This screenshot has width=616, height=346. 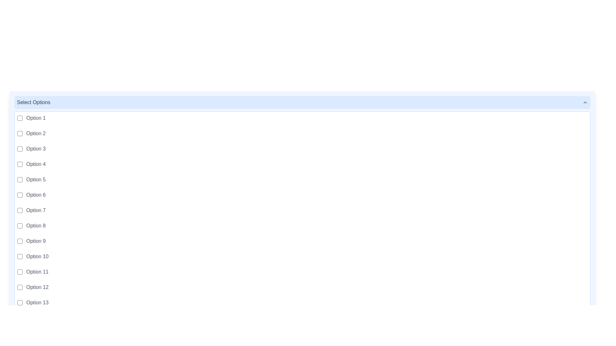 What do you see at coordinates (36, 164) in the screenshot?
I see `the text label displaying 'Option 4', which is styled in gray and positioned centrally in a vertical list, to read its content` at bounding box center [36, 164].